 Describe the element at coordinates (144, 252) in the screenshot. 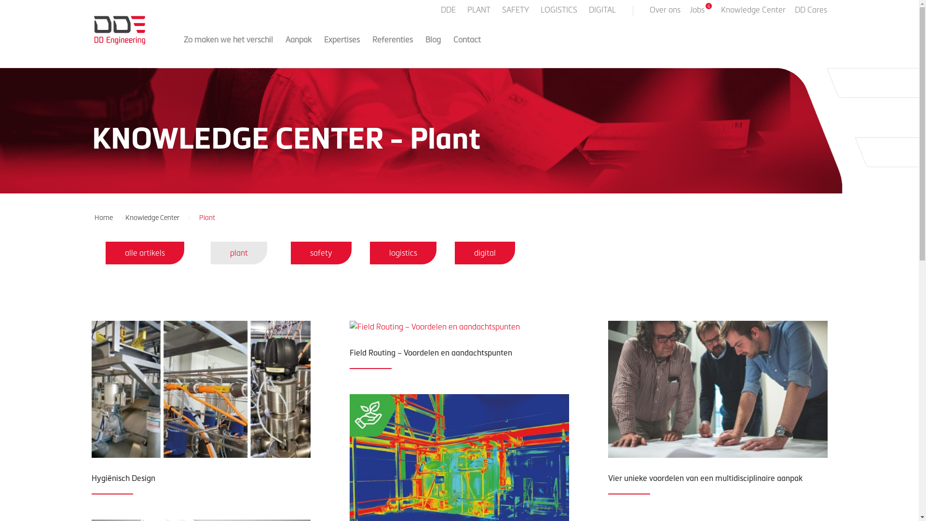

I see `'alle artikels'` at that location.